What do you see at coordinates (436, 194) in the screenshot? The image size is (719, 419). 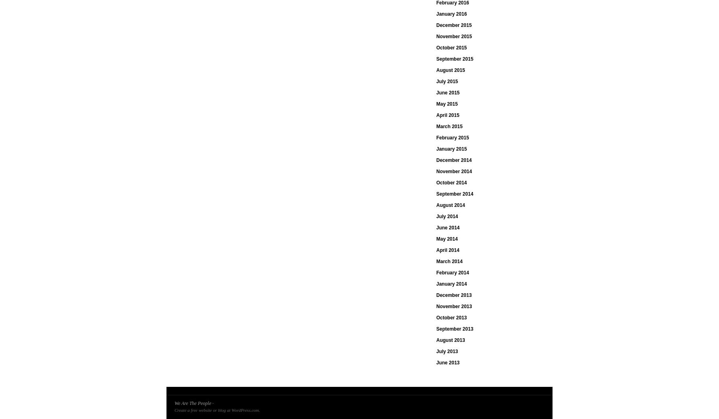 I see `'September 2014'` at bounding box center [436, 194].